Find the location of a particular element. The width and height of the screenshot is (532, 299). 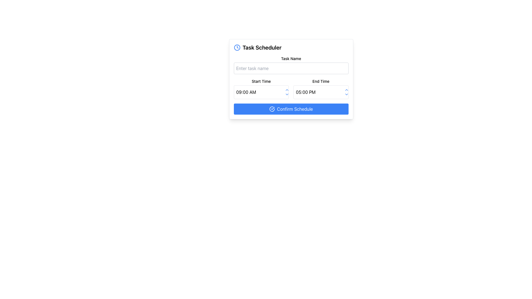

the upward-facing chevron button located above the downward-facing chevron in the 'End Time' field of the time picker interface to increase the time is located at coordinates (346, 89).